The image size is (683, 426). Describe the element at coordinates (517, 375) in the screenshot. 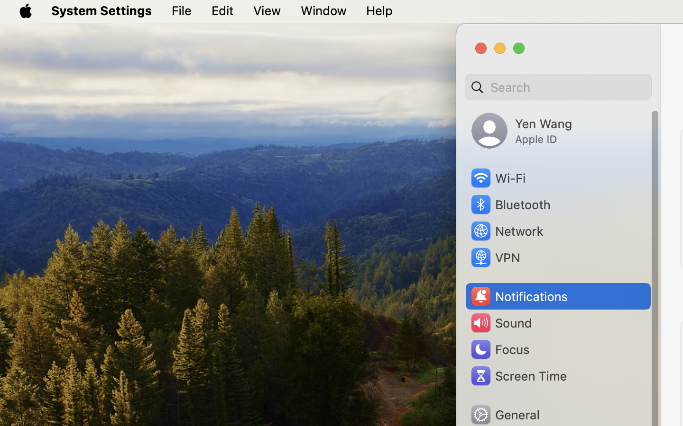

I see `'Screen Time'` at that location.